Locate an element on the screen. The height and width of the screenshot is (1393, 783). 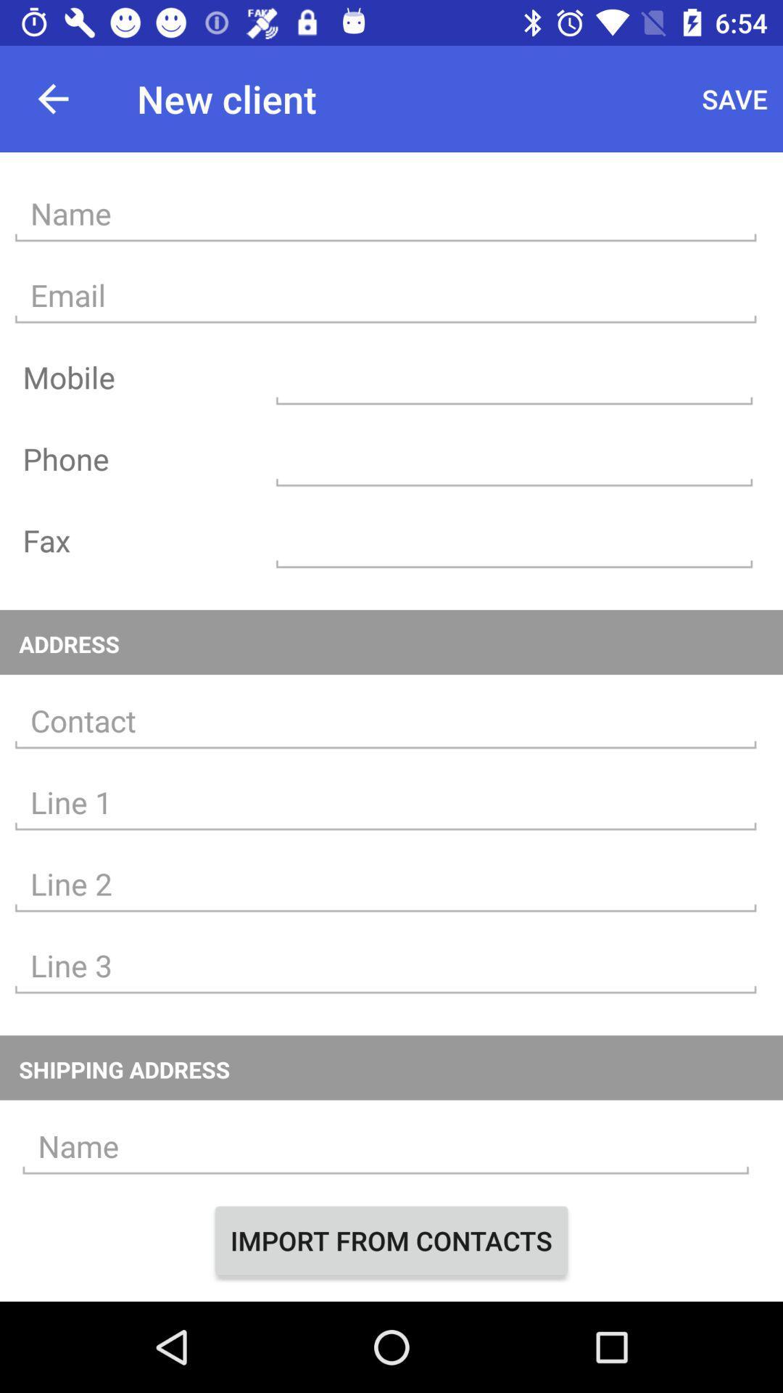
an address into line 3 is located at coordinates (385, 966).